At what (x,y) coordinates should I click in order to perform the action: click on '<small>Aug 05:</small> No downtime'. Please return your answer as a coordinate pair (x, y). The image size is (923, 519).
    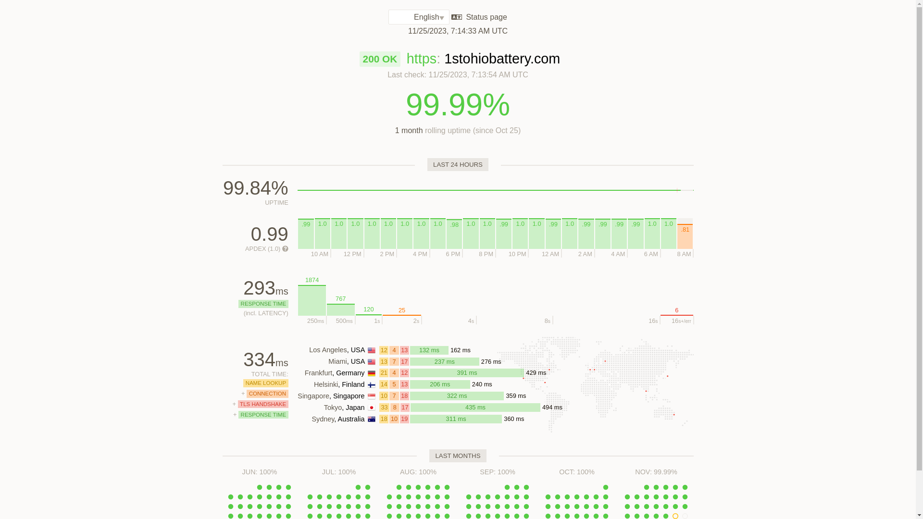
    Looking at the image, I should click on (437, 487).